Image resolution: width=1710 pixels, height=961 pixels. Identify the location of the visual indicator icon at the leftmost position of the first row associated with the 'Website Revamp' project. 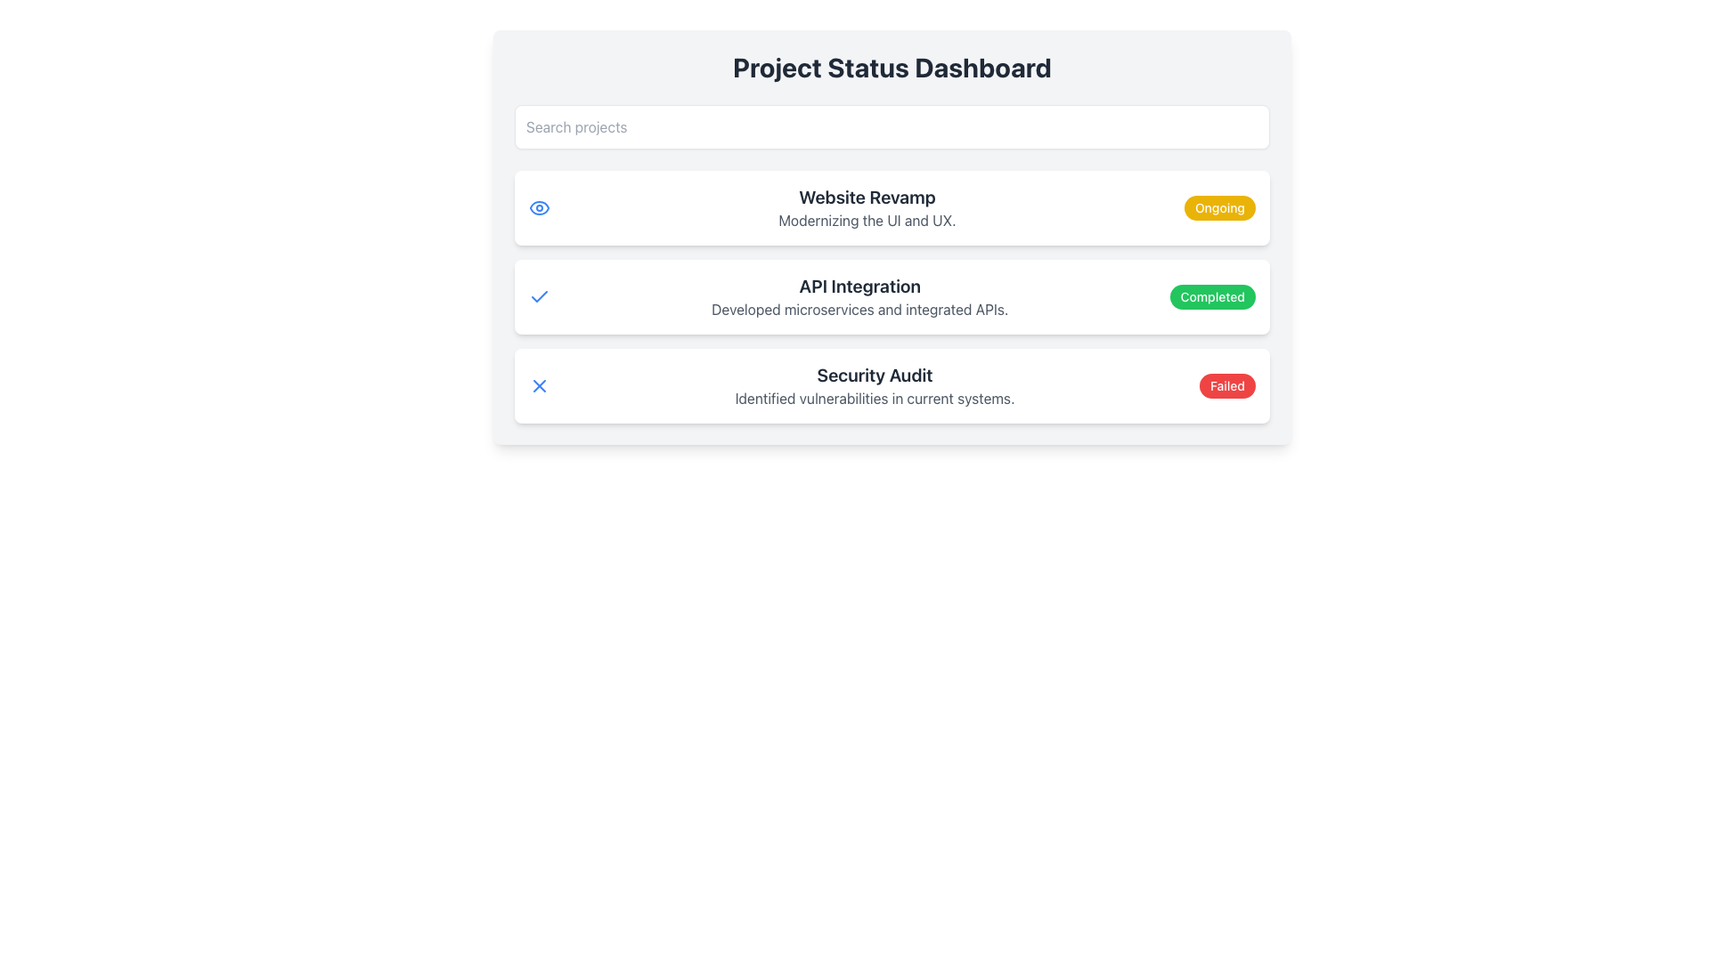
(538, 207).